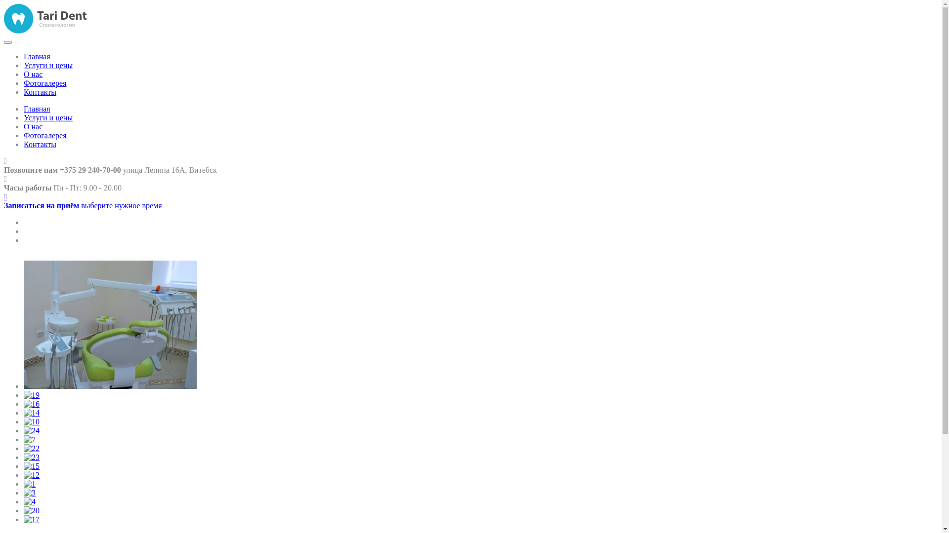 This screenshot has width=949, height=533. Describe the element at coordinates (31, 430) in the screenshot. I see `'24'` at that location.